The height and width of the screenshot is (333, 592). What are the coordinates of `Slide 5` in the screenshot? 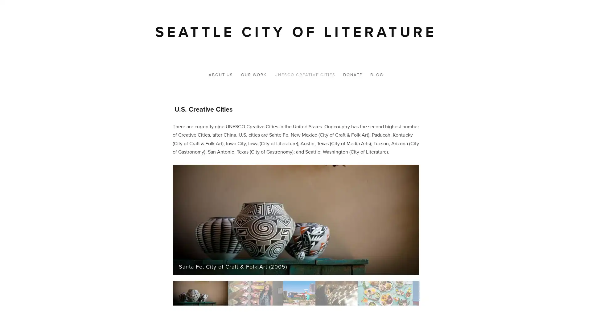 It's located at (381, 293).